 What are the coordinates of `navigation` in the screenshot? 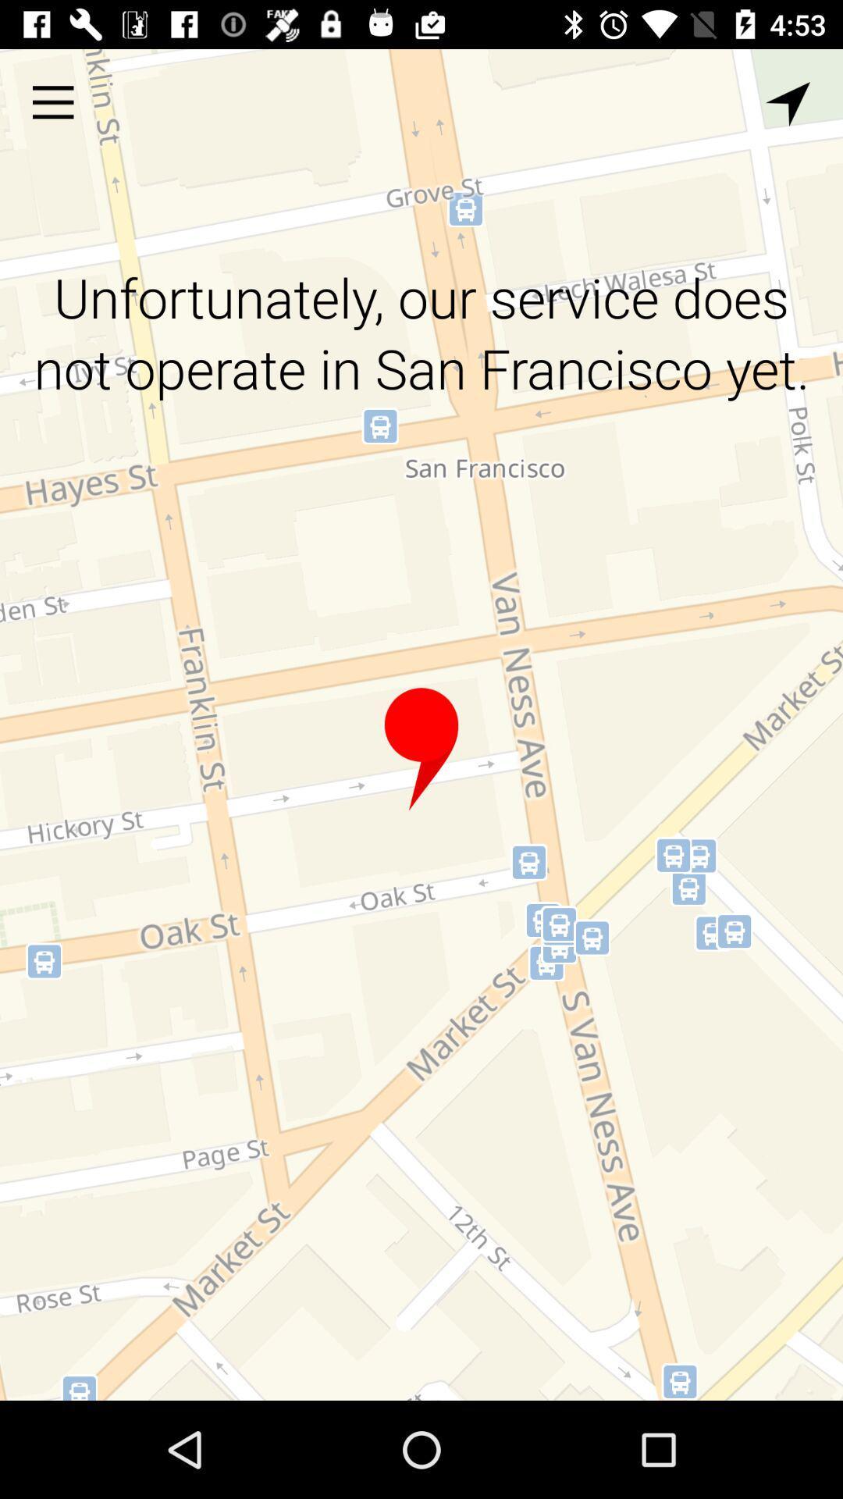 It's located at (788, 103).